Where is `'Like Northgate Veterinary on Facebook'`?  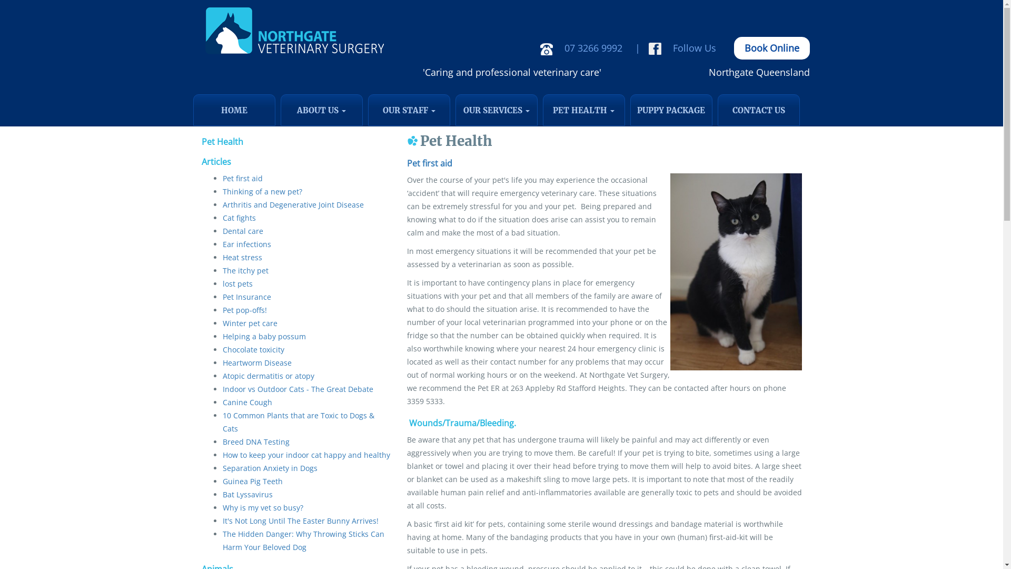 'Like Northgate Veterinary on Facebook' is located at coordinates (647, 48).